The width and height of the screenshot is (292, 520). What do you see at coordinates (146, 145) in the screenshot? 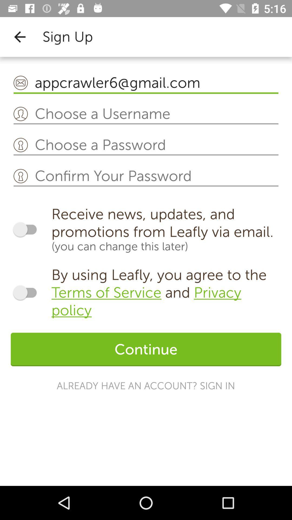
I see `pick password` at bounding box center [146, 145].